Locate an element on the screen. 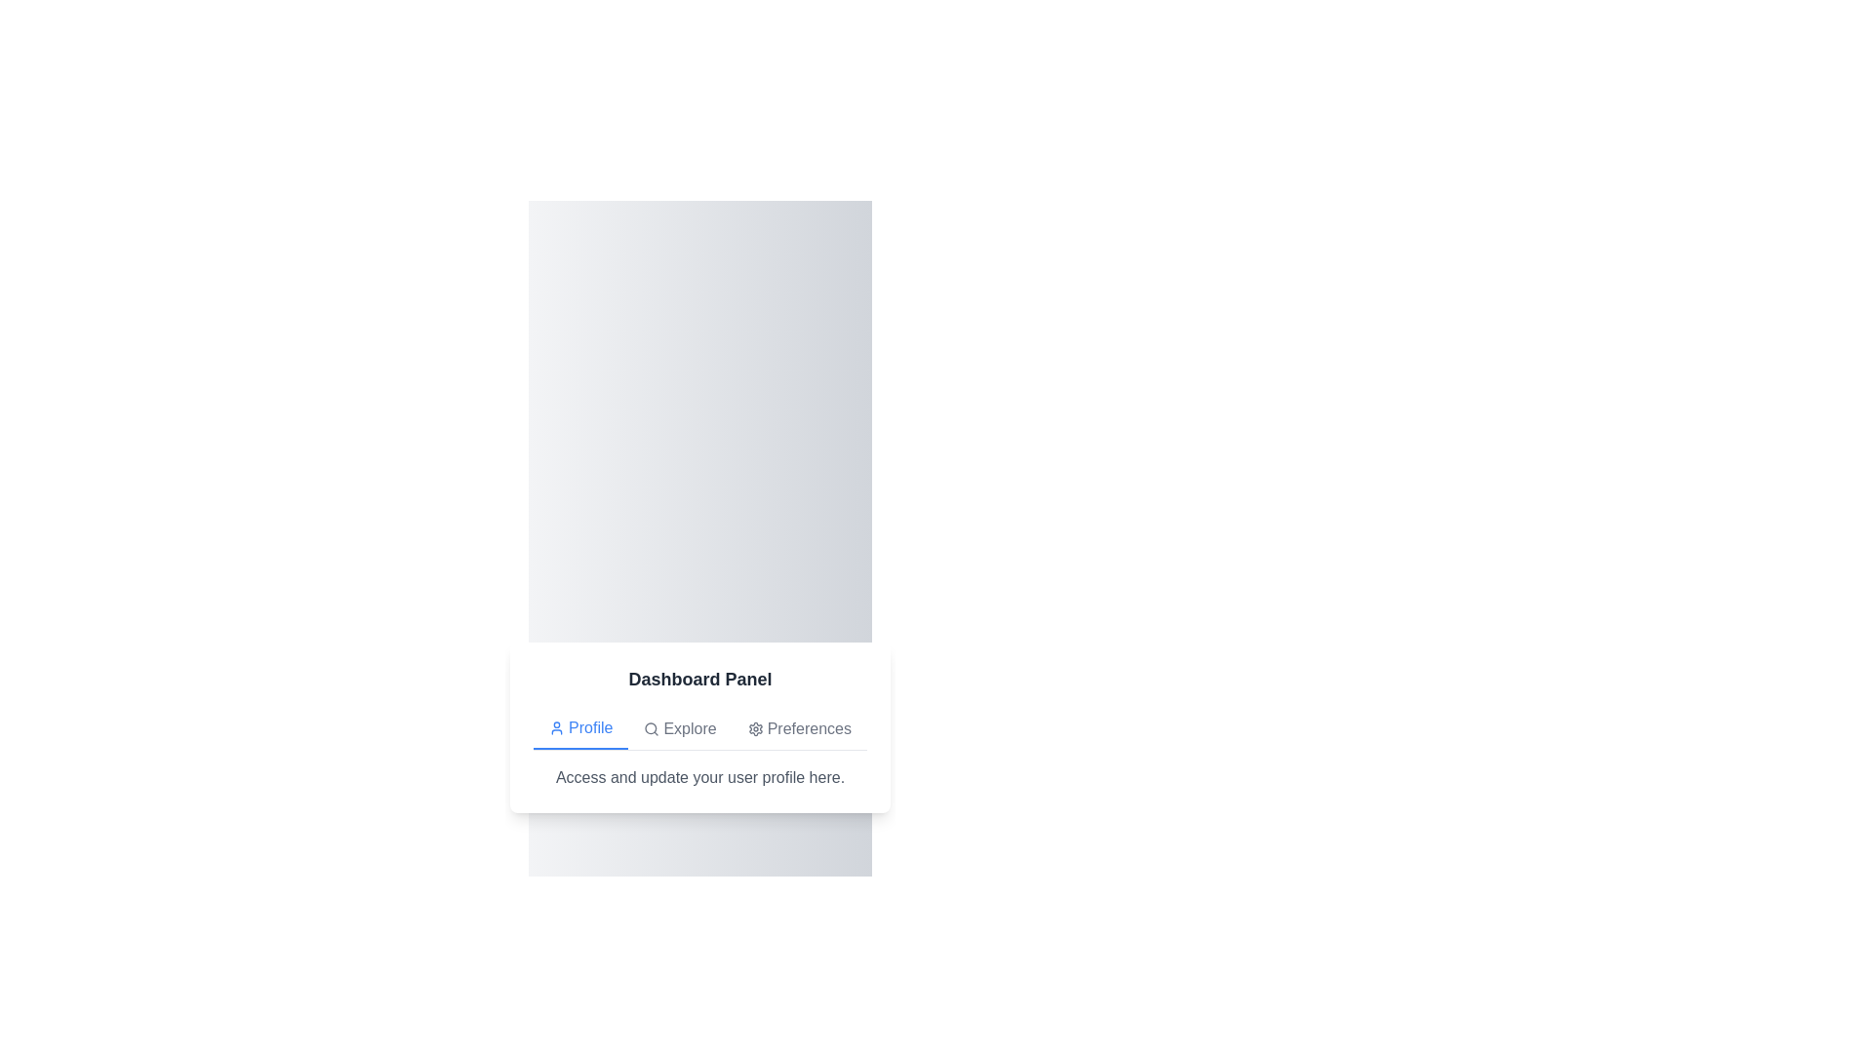  the decorative user profile icon located to the left of the 'Profile' text within the tab-like component of the navigation section is located at coordinates (556, 727).